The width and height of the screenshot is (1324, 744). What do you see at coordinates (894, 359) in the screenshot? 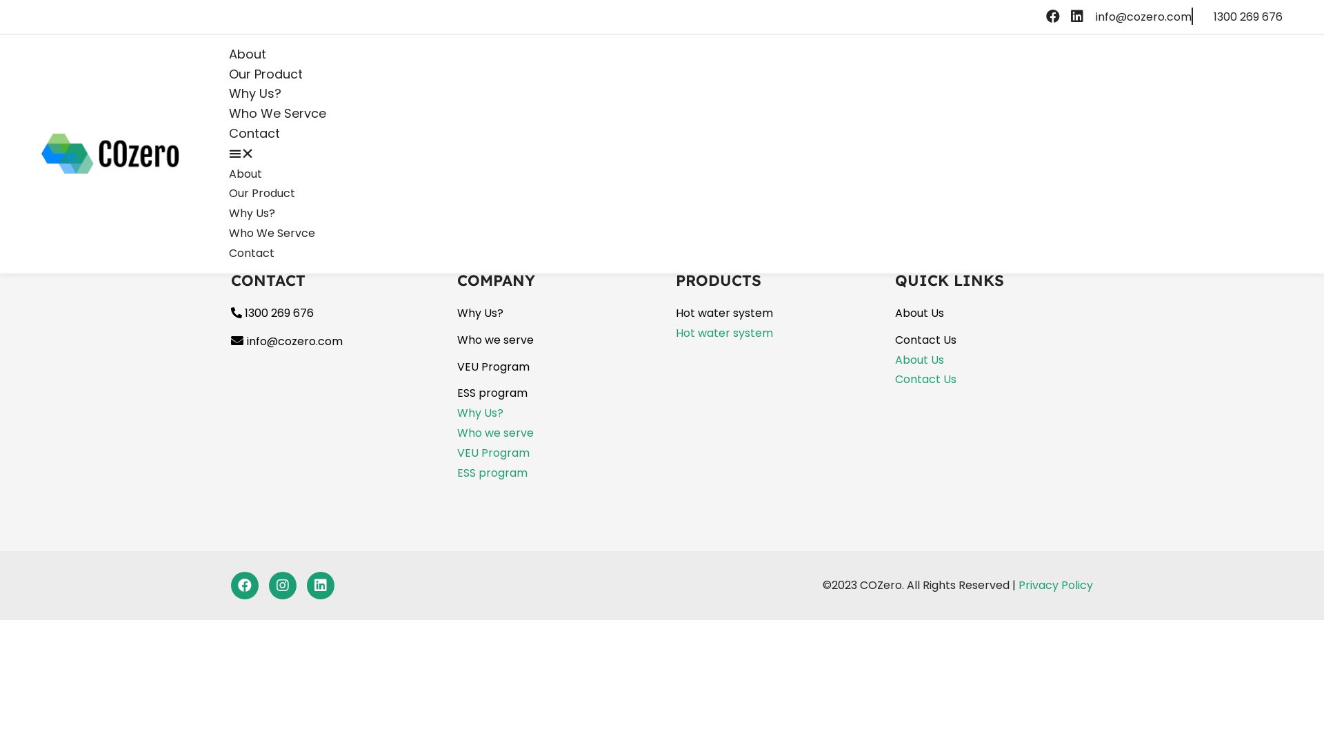
I see `'About Us'` at bounding box center [894, 359].